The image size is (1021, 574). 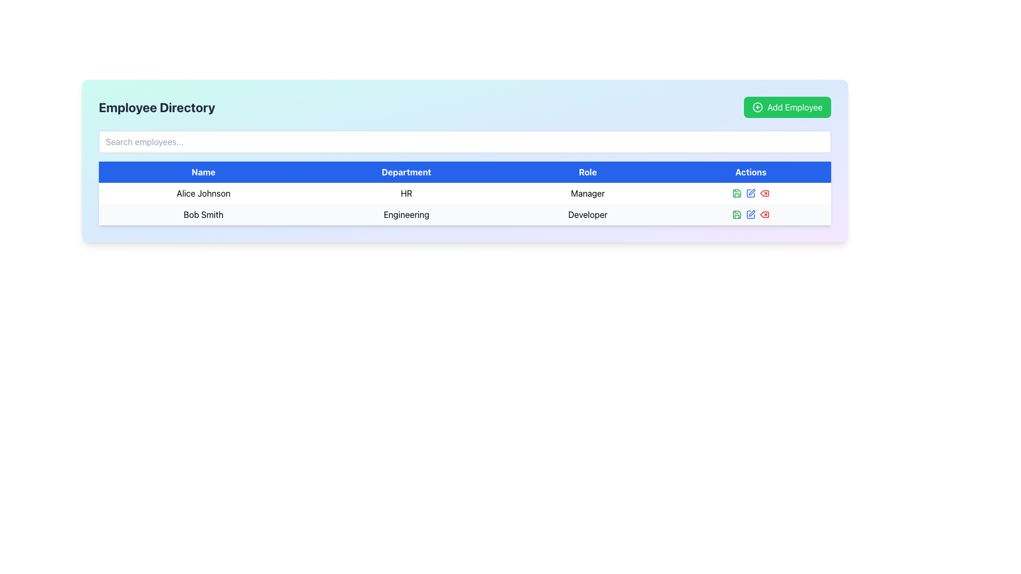 What do you see at coordinates (587, 172) in the screenshot?
I see `the blue rectangular header segment containing the white text 'Role', which is the third column header in the table, positioned between 'Department' and 'Actions'` at bounding box center [587, 172].